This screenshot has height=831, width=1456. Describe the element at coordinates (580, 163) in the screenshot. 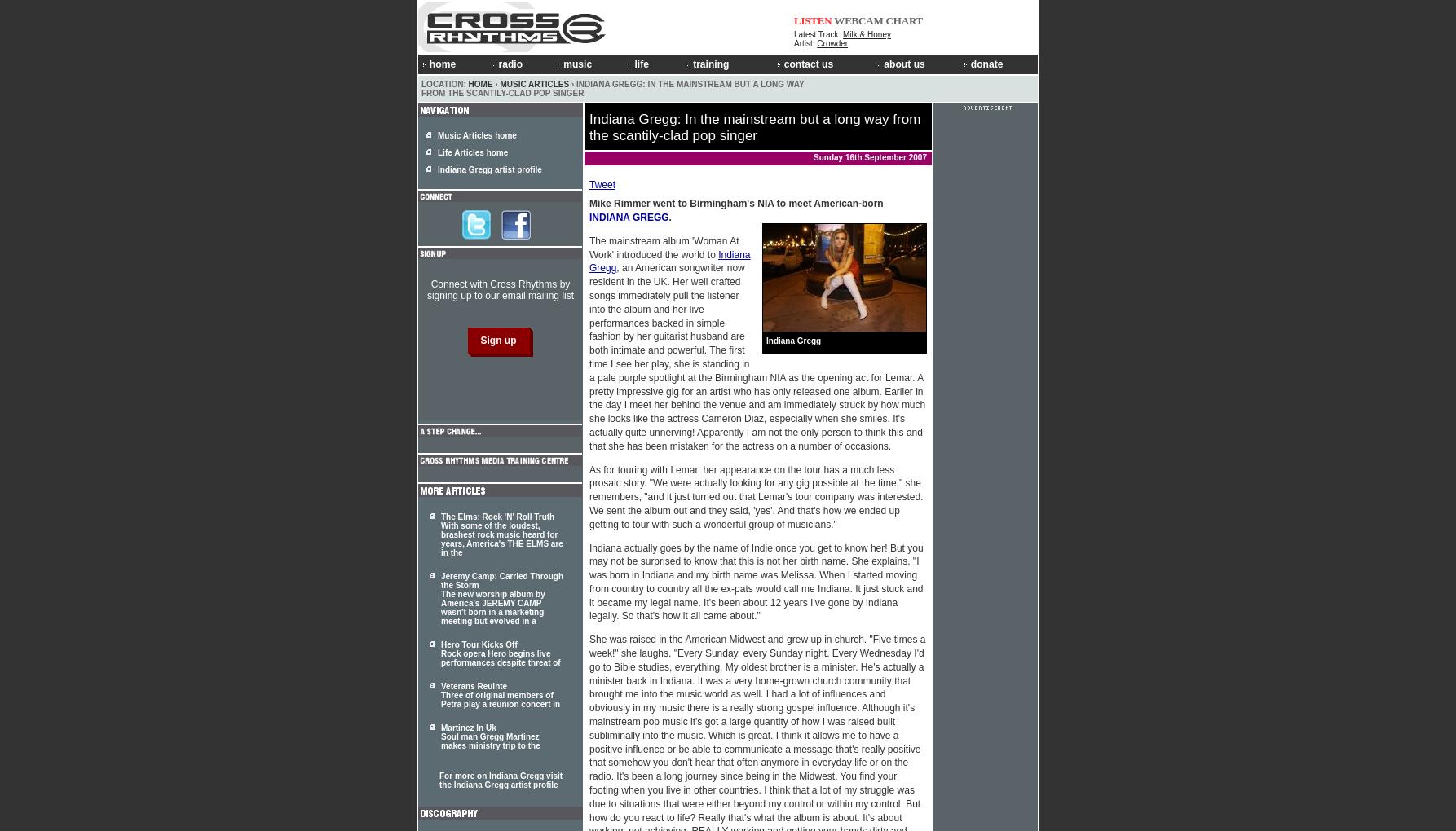

I see `'Reviews'` at that location.